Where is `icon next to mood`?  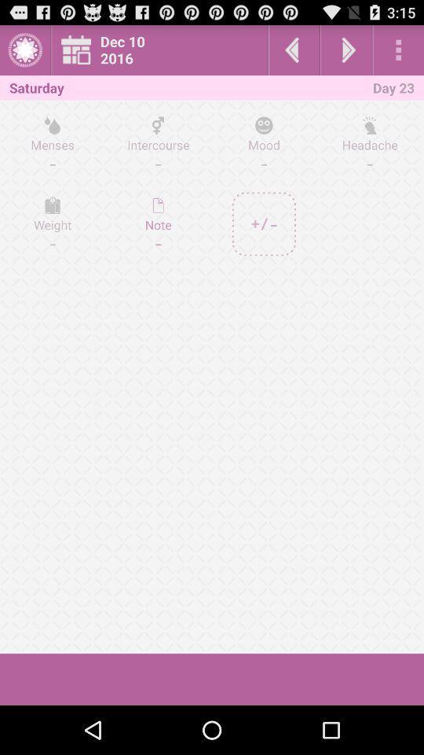 icon next to mood is located at coordinates (158, 144).